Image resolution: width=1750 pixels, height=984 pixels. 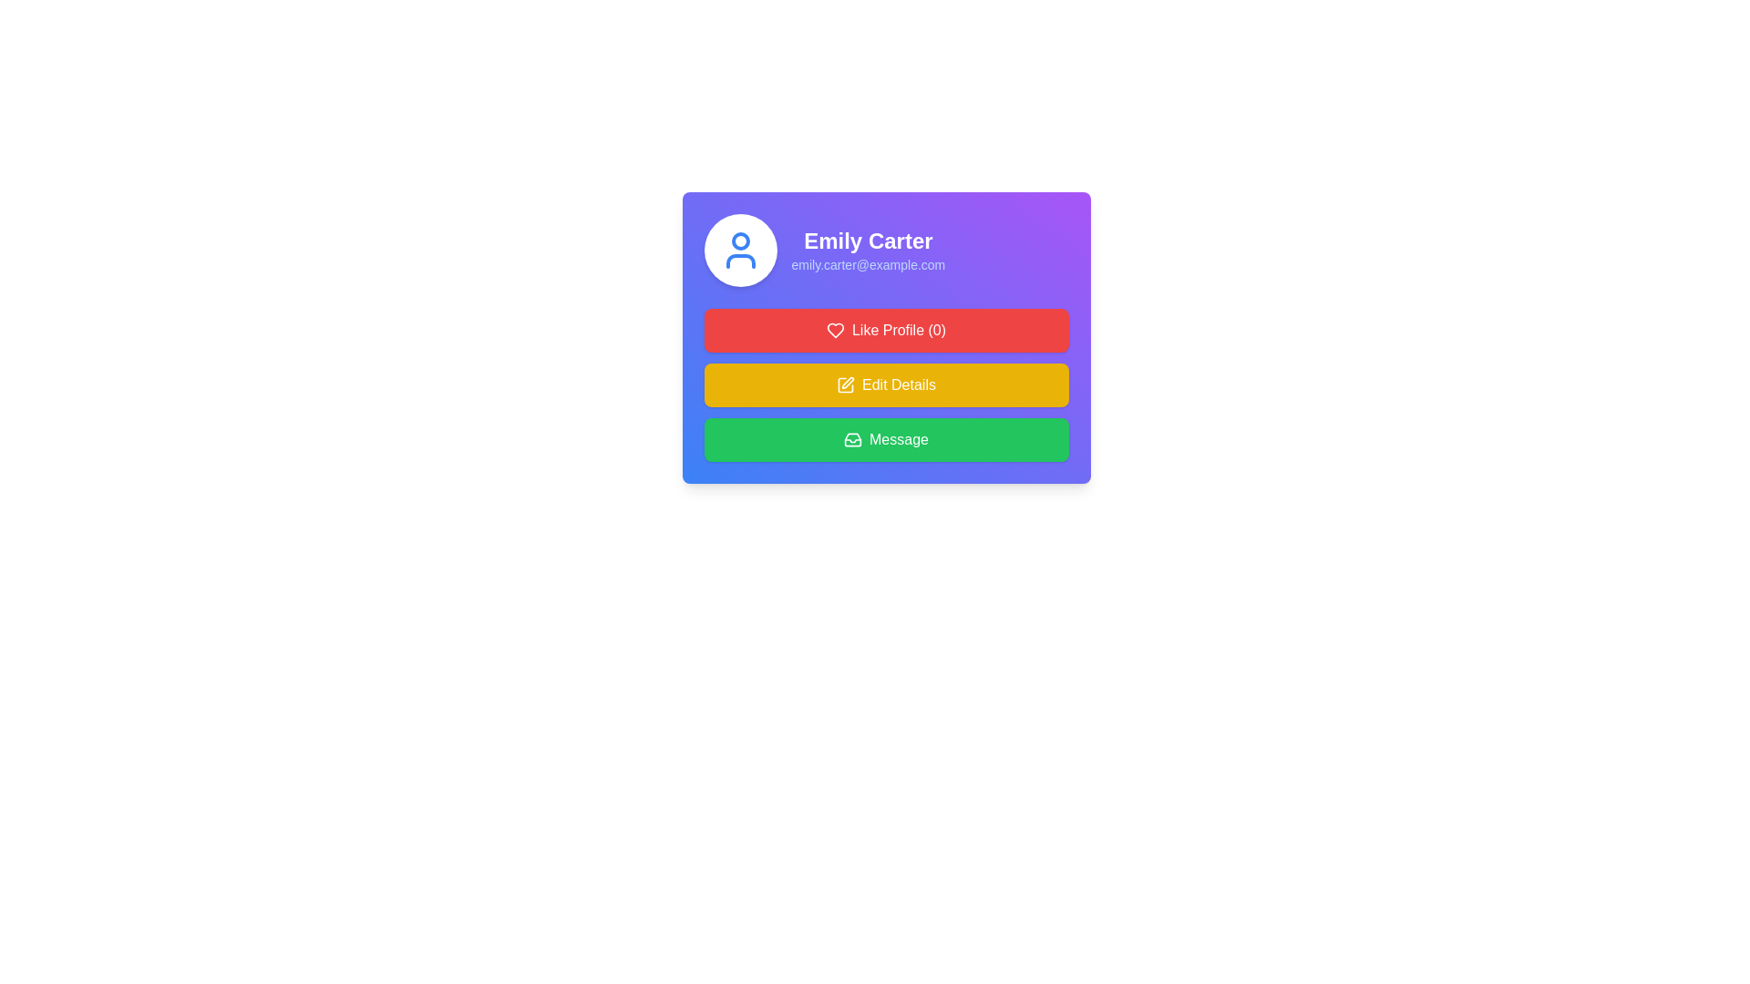 I want to click on the email link element displaying 'emily.carter@example.com', which is styled in light blue and positioned beneath the name 'Emily Carter', so click(x=867, y=264).